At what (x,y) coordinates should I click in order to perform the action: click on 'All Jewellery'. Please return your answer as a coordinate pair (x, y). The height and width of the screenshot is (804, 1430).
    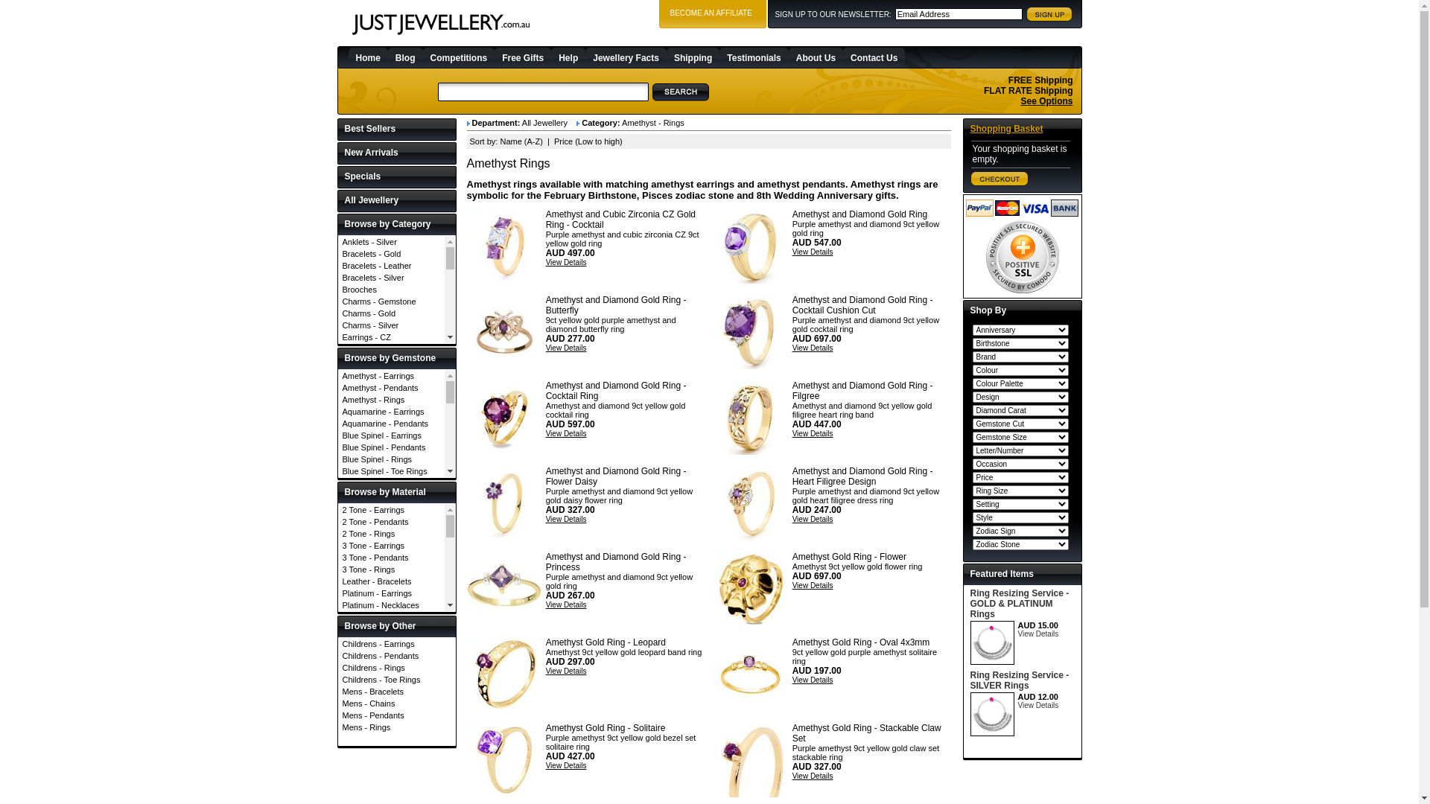
    Looking at the image, I should click on (396, 201).